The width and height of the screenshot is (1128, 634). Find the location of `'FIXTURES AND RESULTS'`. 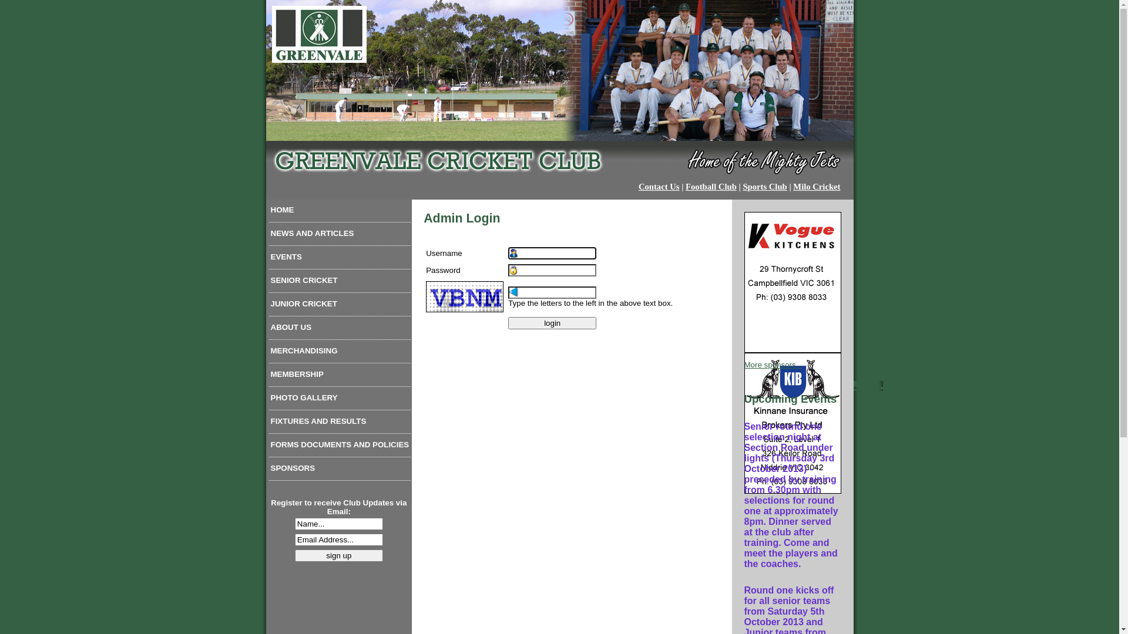

'FIXTURES AND RESULTS' is located at coordinates (340, 423).